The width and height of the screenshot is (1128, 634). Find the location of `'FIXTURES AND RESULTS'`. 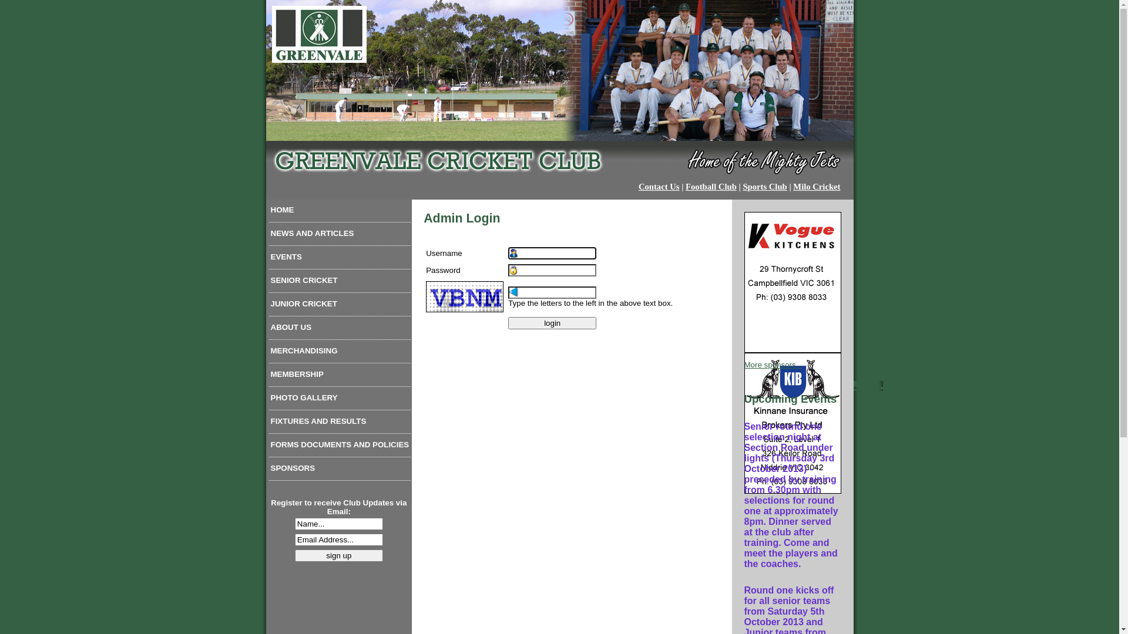

'FIXTURES AND RESULTS' is located at coordinates (340, 423).